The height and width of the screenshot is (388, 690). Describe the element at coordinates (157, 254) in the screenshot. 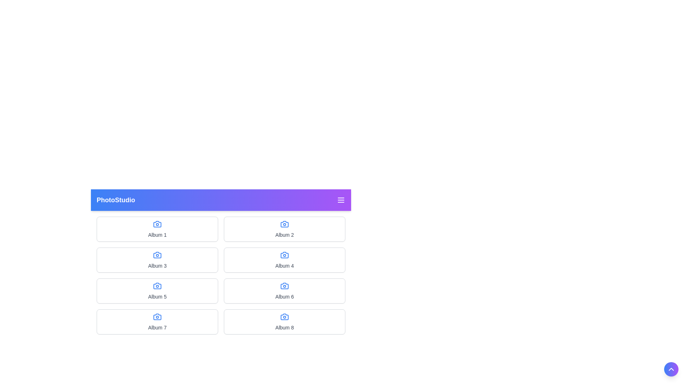

I see `the camera icon located above the 'Album 3' label, which is the third element in the grid layout` at that location.